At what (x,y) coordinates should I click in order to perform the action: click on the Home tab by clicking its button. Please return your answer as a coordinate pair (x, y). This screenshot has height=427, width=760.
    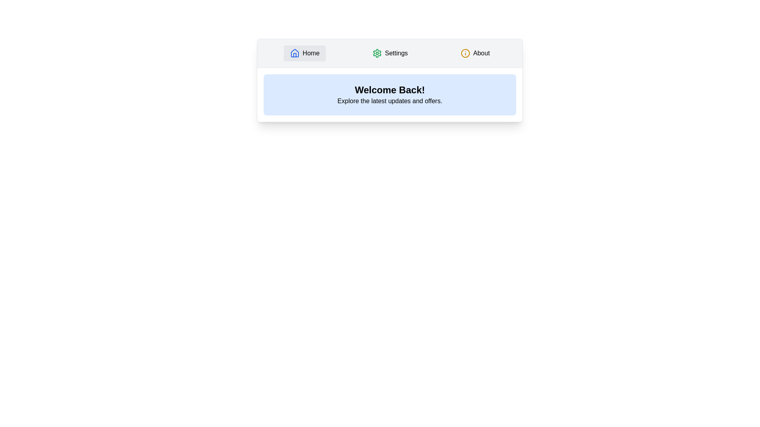
    Looking at the image, I should click on (304, 53).